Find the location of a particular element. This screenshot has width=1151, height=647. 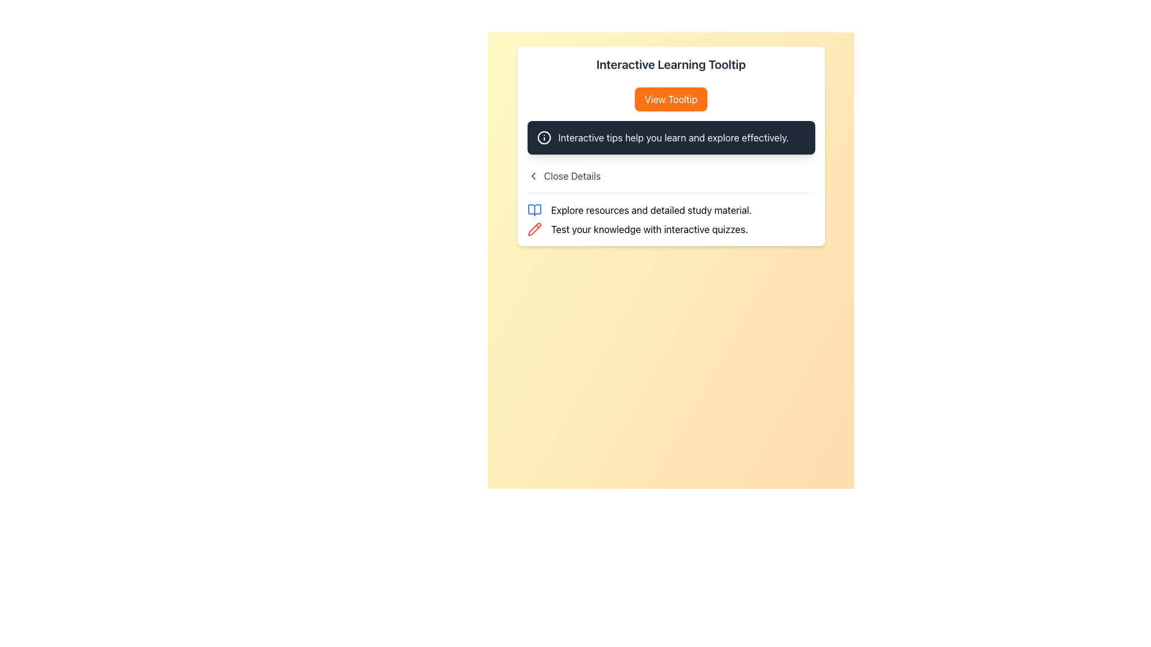

the Informational Text Section with Icons to read detailed content located below the title 'Close Details' is located at coordinates (670, 214).